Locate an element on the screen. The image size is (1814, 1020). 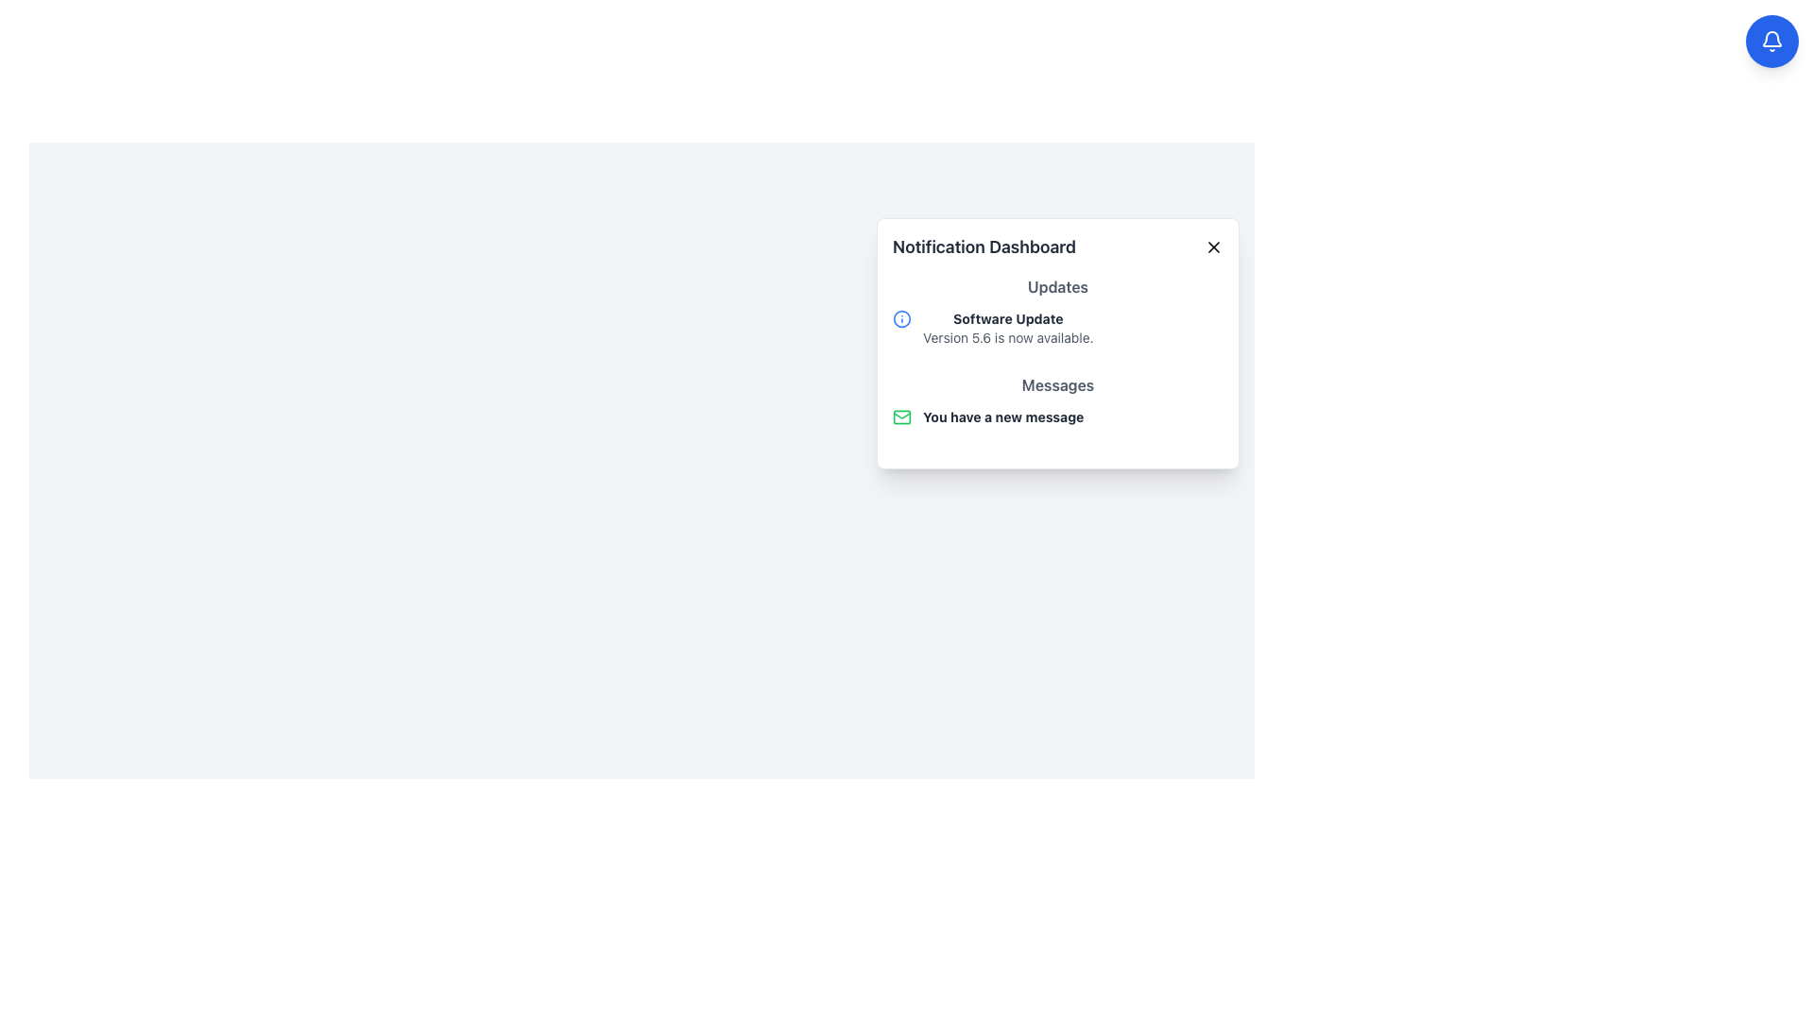
the content of the 'Messages' section, which displays a header 'Messages' and a subtext 'You have a new message' with an envelope icon is located at coordinates (1056, 404).